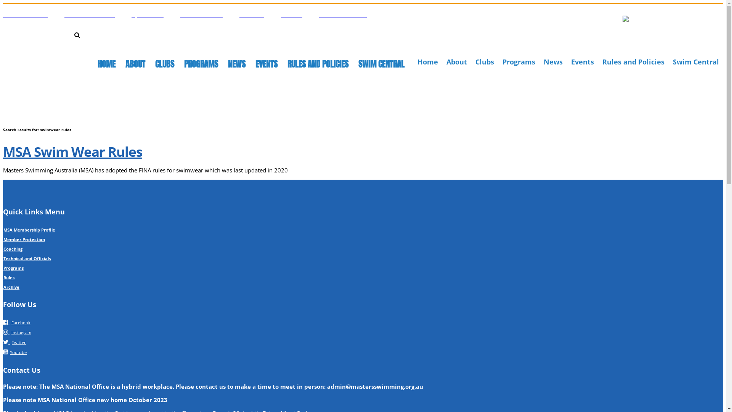 Image resolution: width=732 pixels, height=412 pixels. Describe the element at coordinates (27, 258) in the screenshot. I see `'Technical and Officials'` at that location.